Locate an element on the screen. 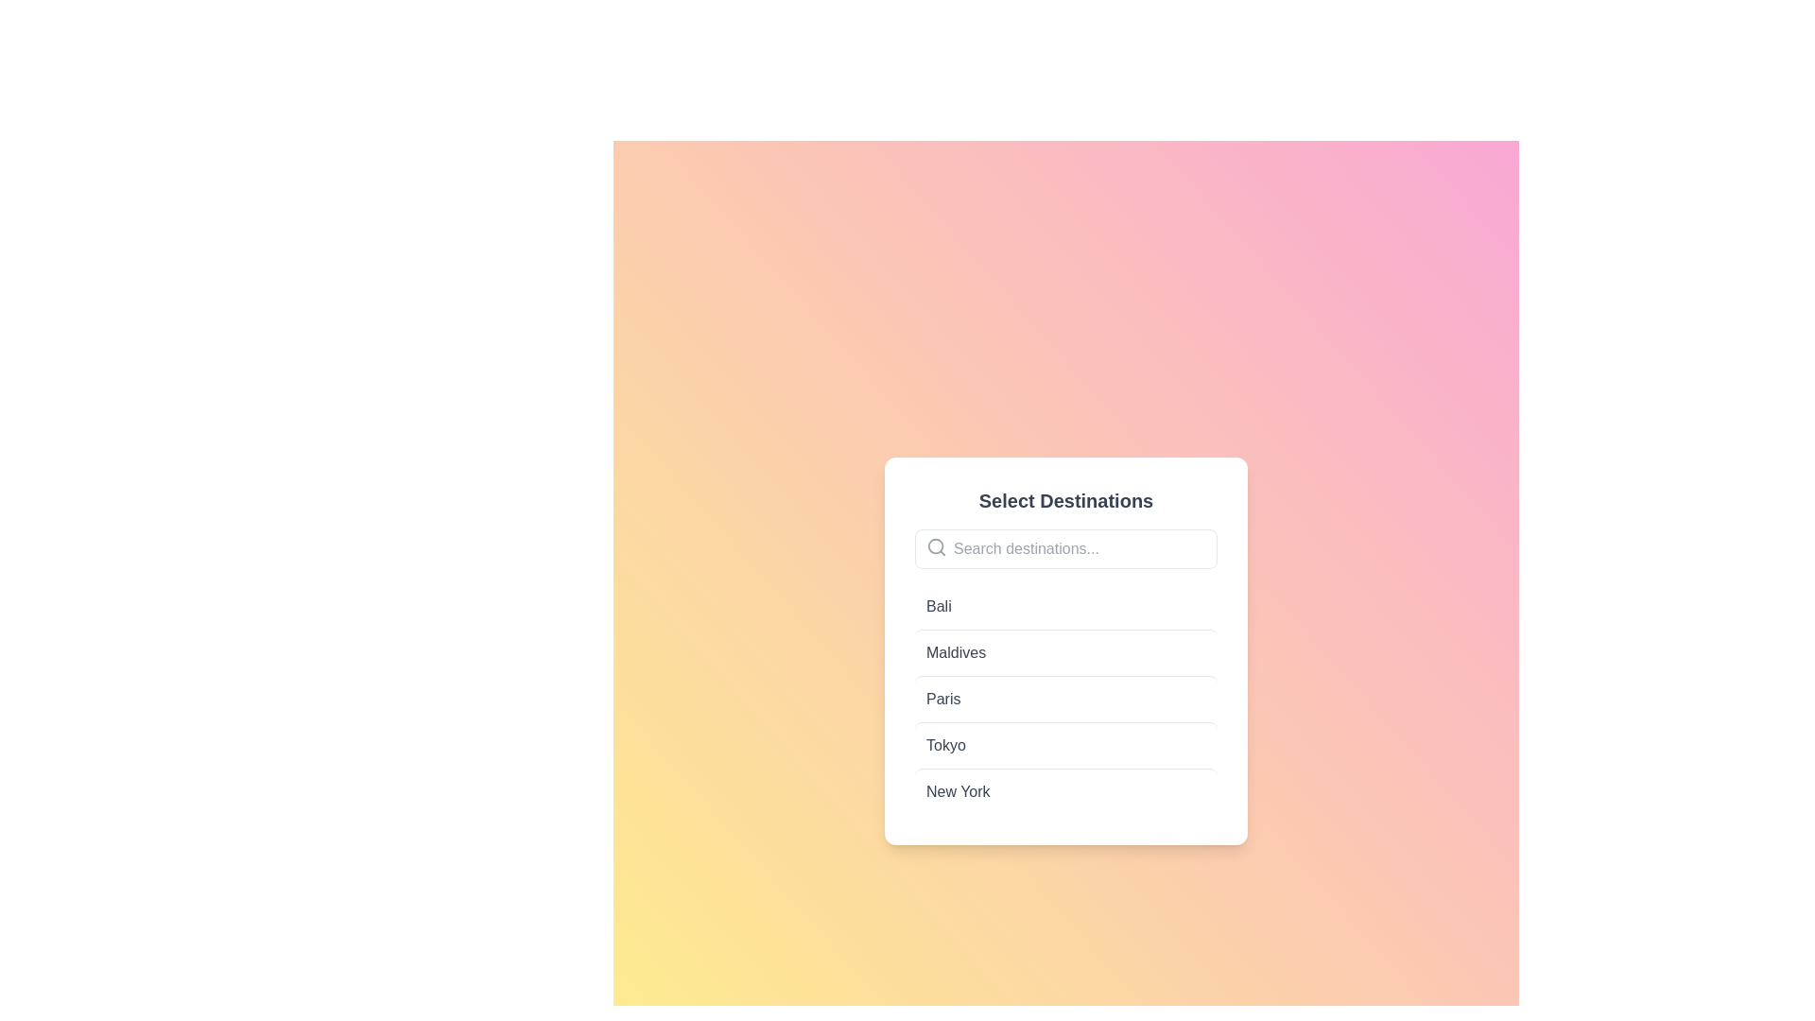 The width and height of the screenshot is (1815, 1021). the search icon located on the left side of the search input field is located at coordinates (936, 546).